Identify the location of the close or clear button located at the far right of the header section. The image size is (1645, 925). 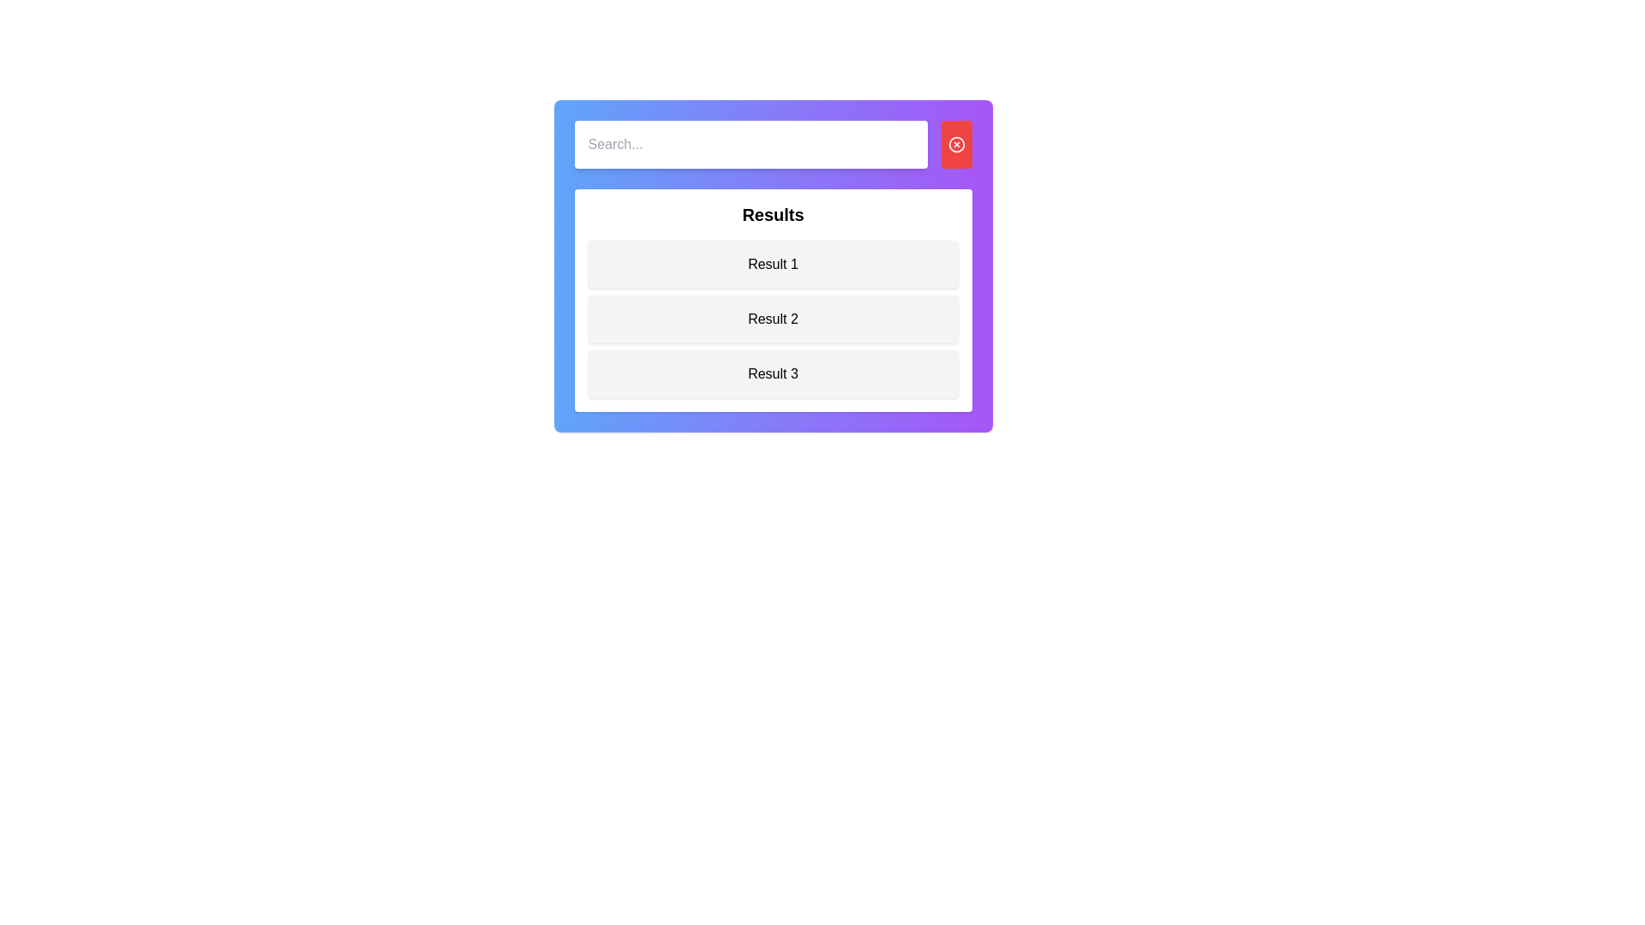
(955, 144).